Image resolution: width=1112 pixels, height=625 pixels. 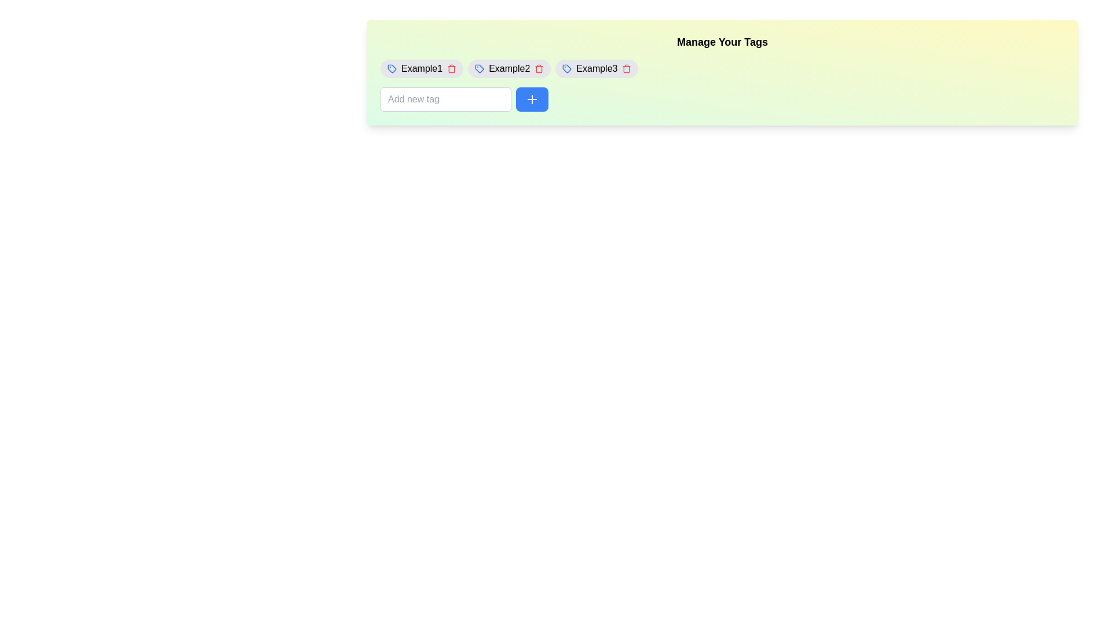 I want to click on the trash bin icon located at the far right inside the 'Example2' tag, so click(x=539, y=69).